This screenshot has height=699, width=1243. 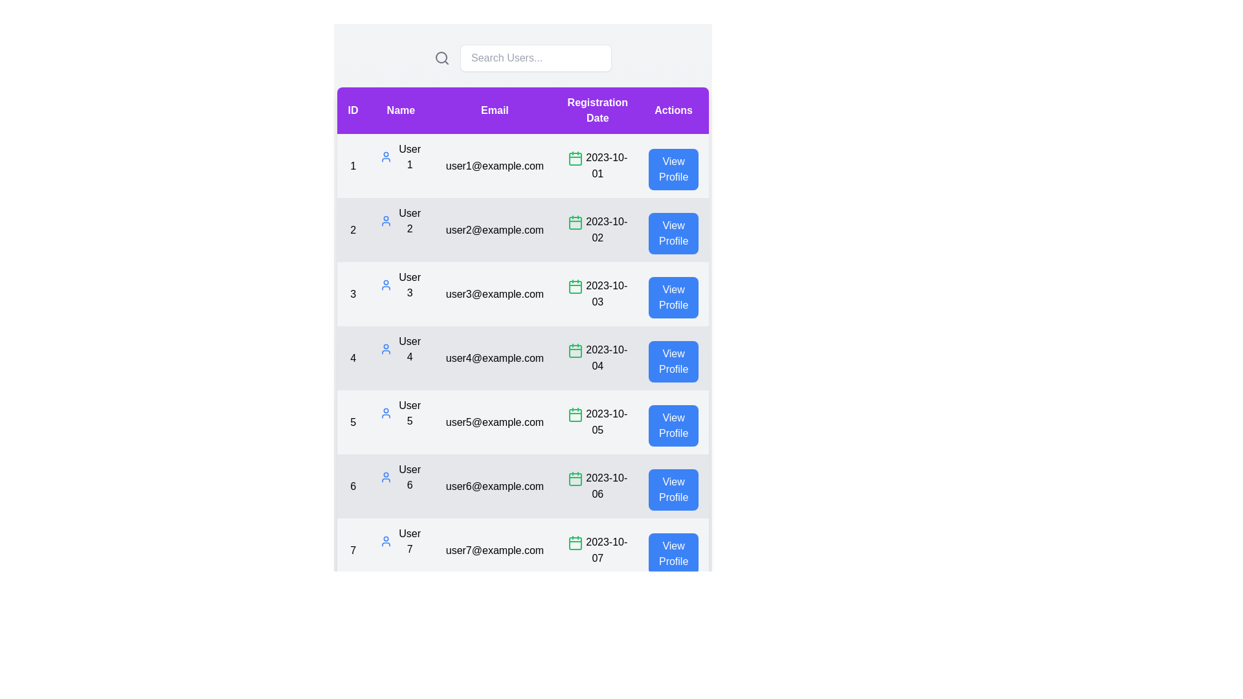 What do you see at coordinates (385, 284) in the screenshot?
I see `the user profile icon for user 3` at bounding box center [385, 284].